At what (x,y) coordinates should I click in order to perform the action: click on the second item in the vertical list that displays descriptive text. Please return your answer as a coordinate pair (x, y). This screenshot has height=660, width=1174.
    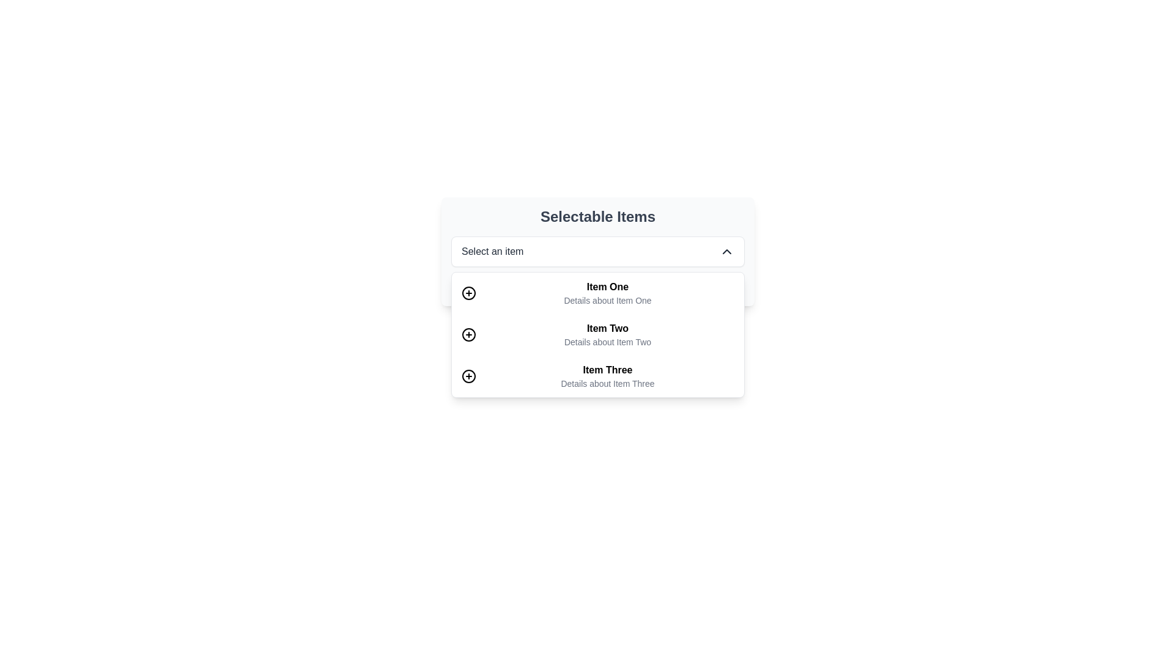
    Looking at the image, I should click on (607, 334).